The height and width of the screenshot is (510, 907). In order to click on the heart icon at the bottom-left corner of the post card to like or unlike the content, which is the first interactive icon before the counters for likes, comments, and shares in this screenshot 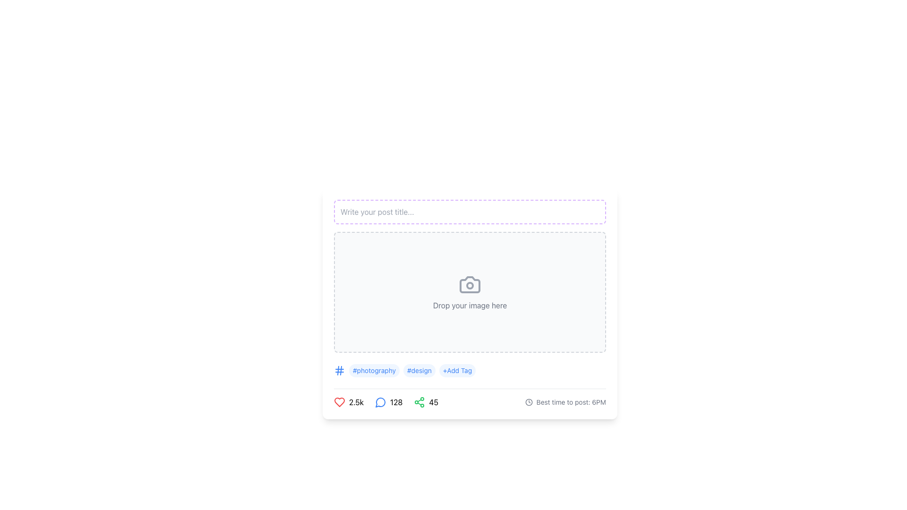, I will do `click(340, 402)`.